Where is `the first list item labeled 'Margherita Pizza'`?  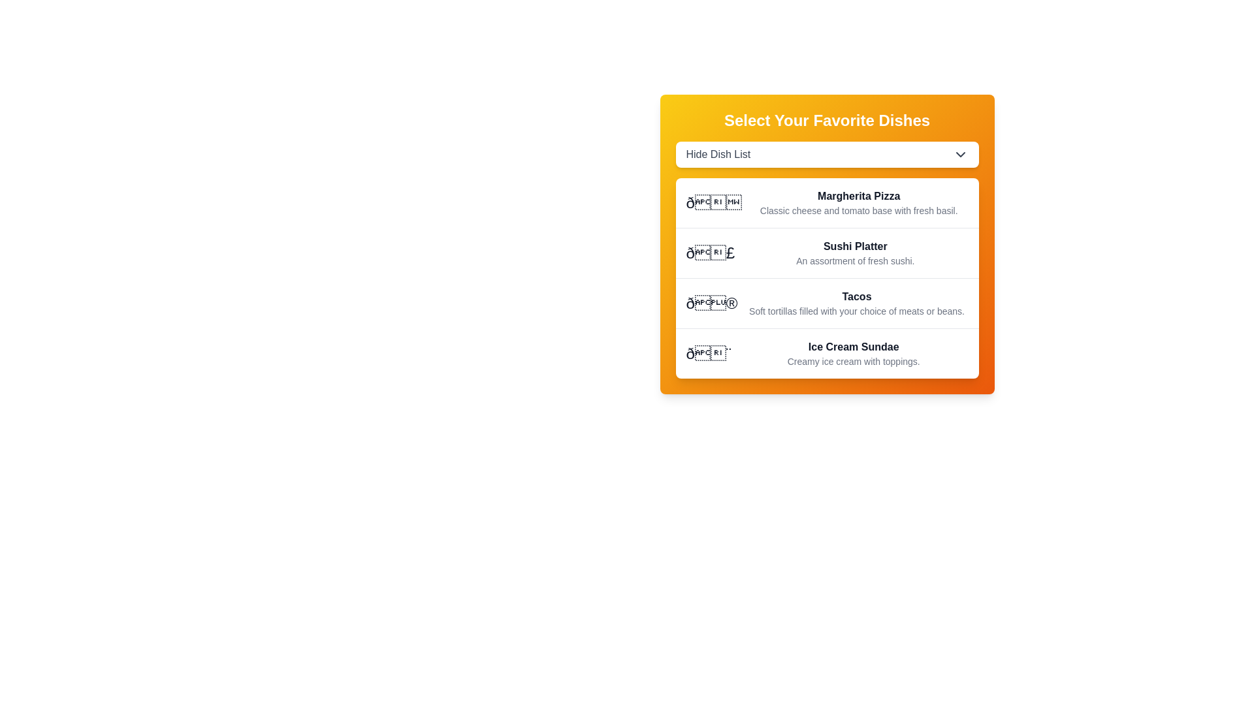
the first list item labeled 'Margherita Pizza' is located at coordinates (826, 203).